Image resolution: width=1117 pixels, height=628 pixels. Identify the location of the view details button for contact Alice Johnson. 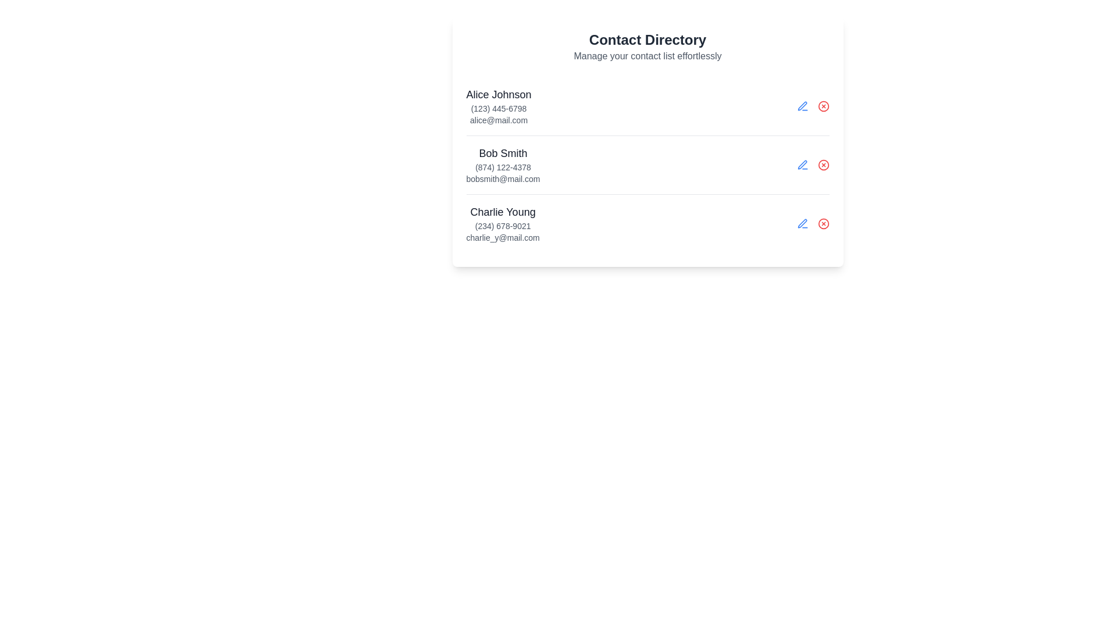
(802, 106).